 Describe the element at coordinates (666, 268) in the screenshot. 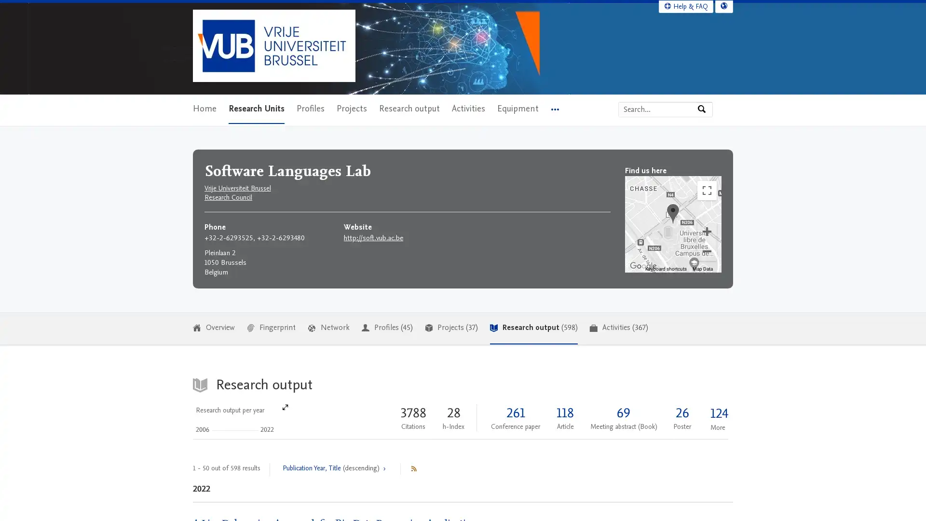

I see `Keyboard shortcuts` at that location.